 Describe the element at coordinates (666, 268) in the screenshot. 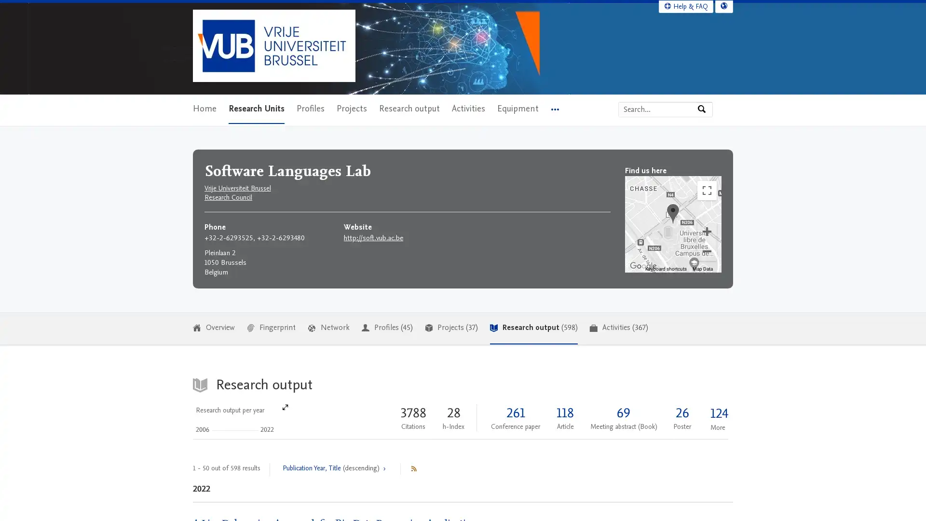

I see `Keyboard shortcuts` at that location.